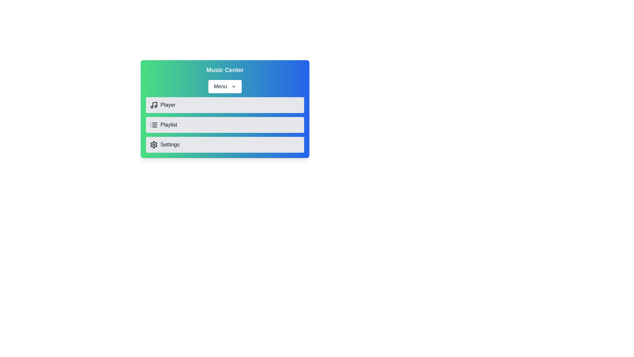  I want to click on the 'Menu' button to toggle the menu visibility, so click(225, 86).